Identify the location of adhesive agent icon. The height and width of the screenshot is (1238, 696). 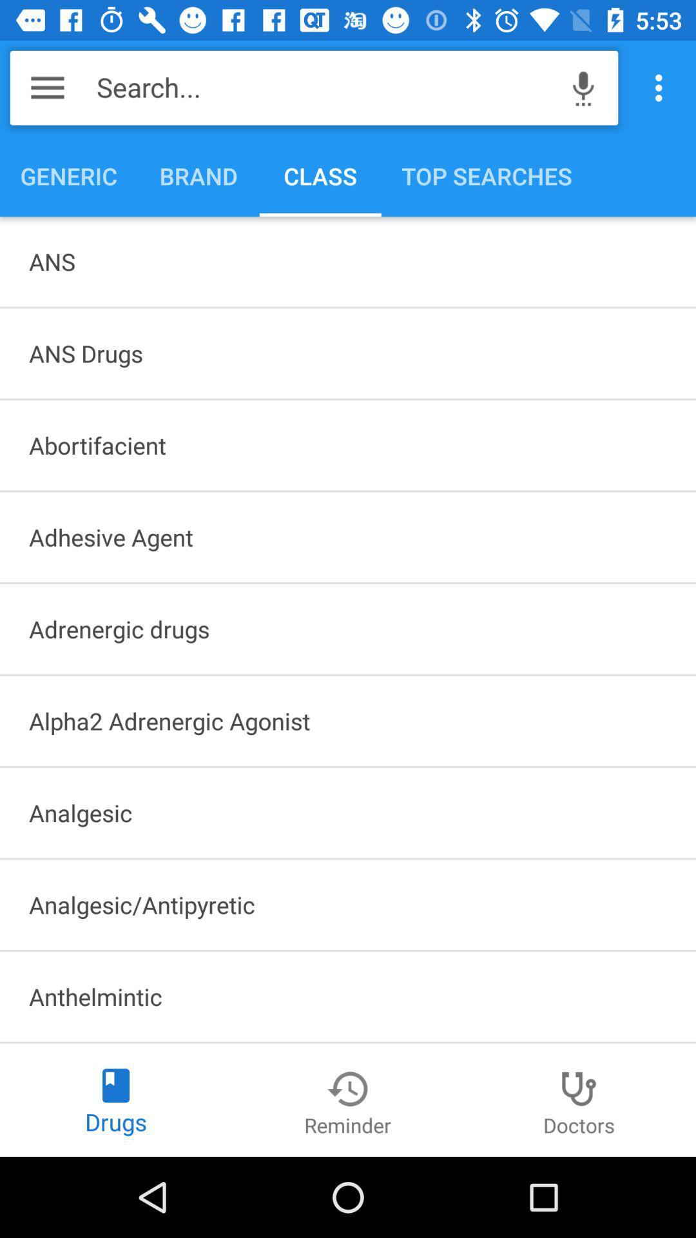
(348, 537).